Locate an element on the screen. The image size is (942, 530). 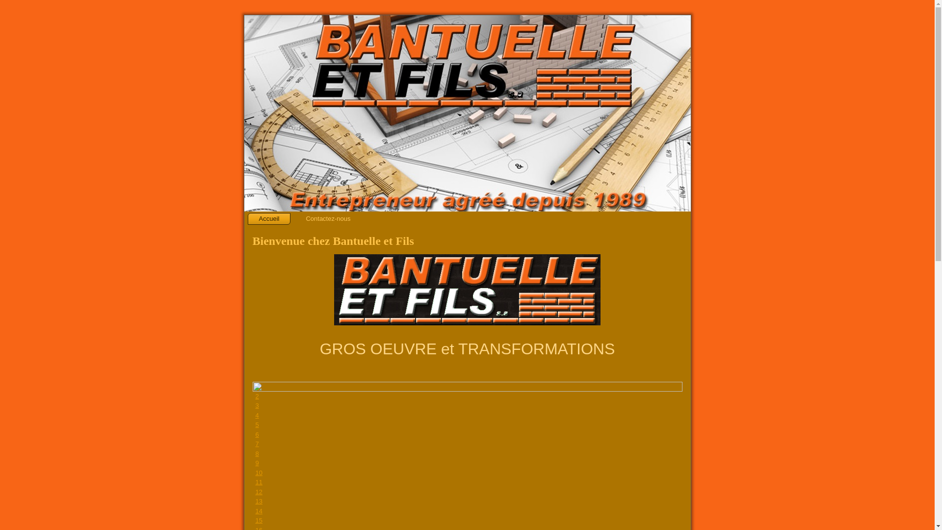
'5' is located at coordinates (257, 424).